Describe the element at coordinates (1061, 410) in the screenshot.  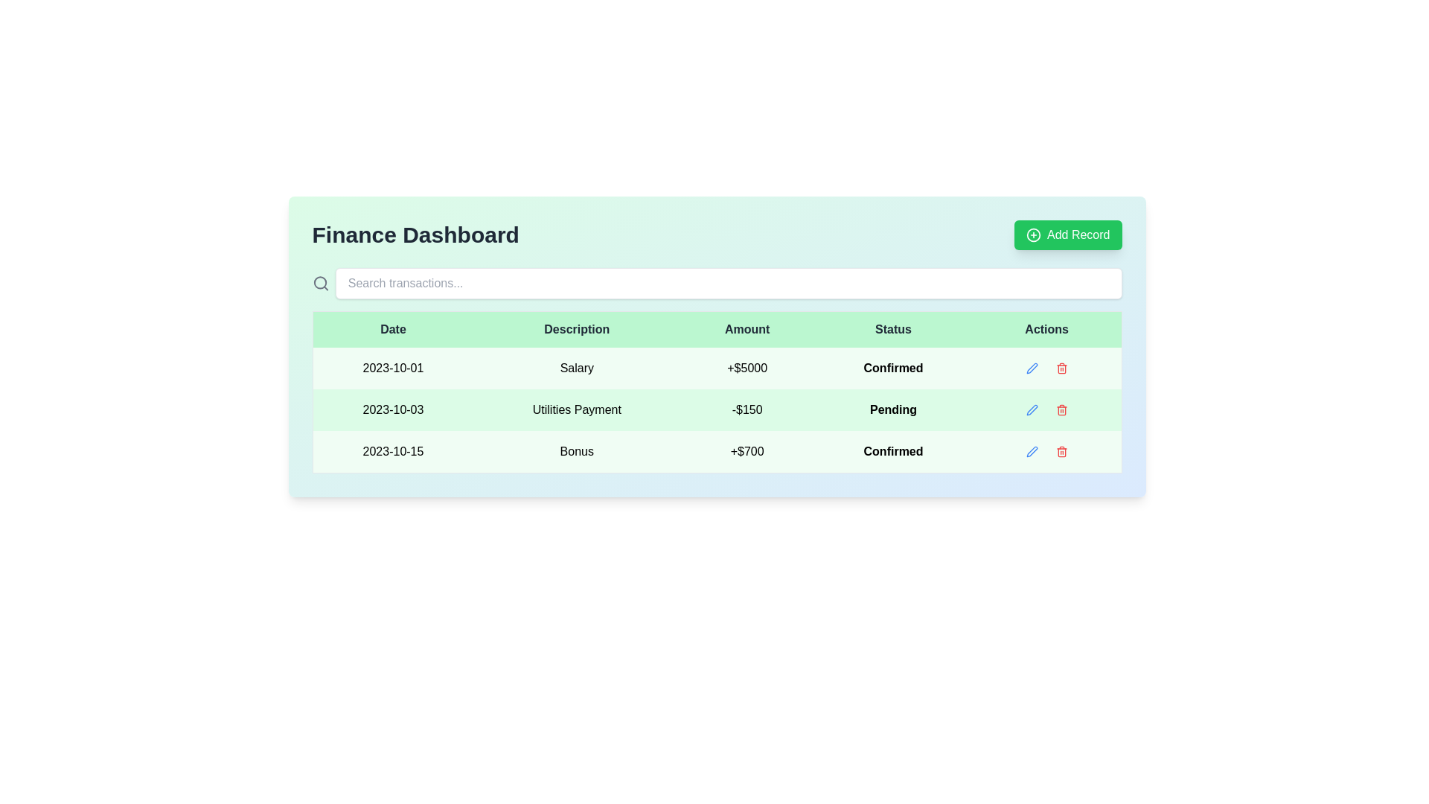
I see `the delete icon button located in the 'Actions' column of the second row for the 'Utilities Payment' entry dated '2023-10-03'` at that location.